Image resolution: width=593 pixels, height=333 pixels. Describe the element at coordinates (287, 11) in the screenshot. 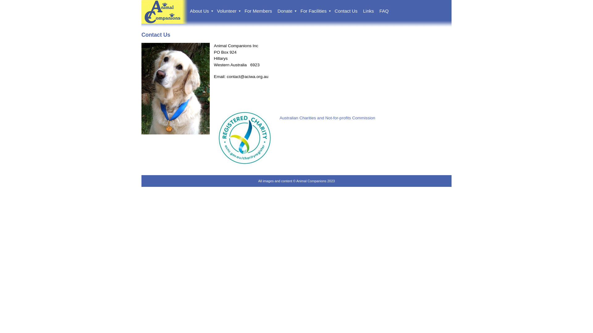

I see `'Donate'` at that location.